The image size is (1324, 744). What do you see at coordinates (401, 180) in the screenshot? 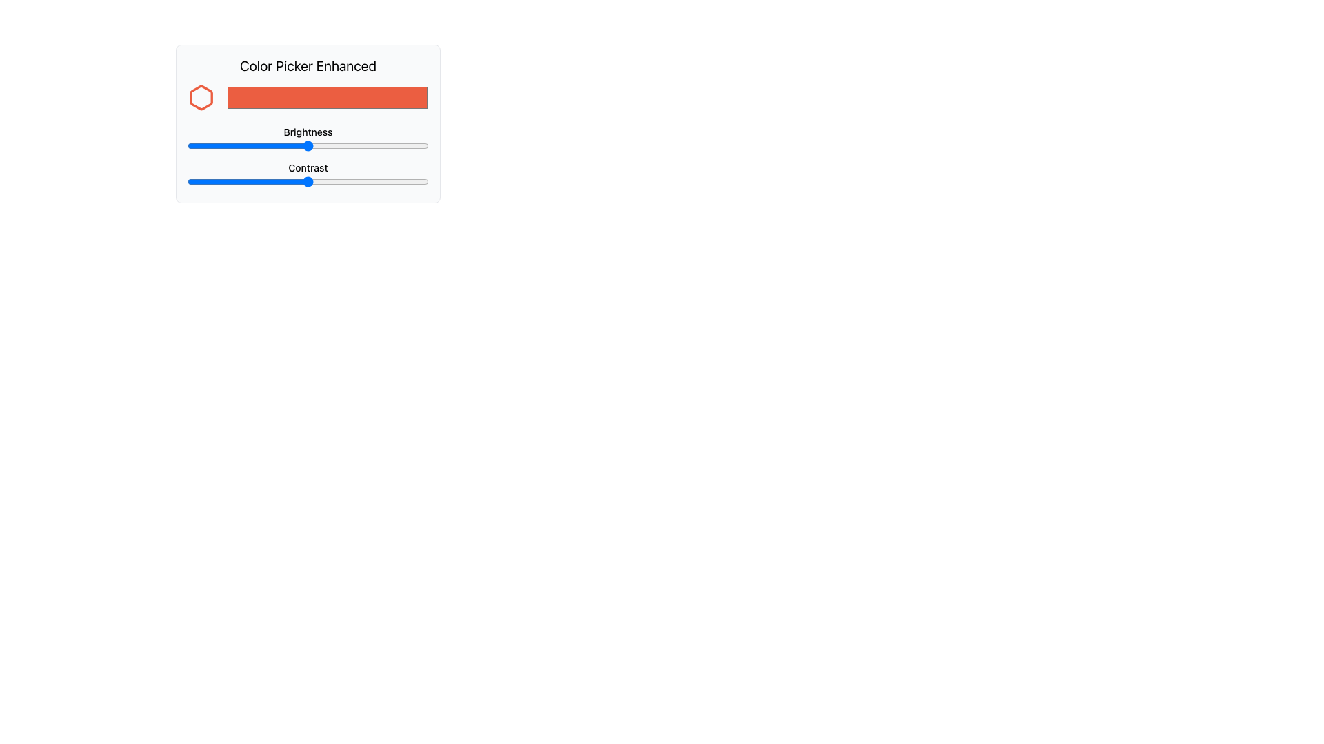
I see `contrast` at bounding box center [401, 180].